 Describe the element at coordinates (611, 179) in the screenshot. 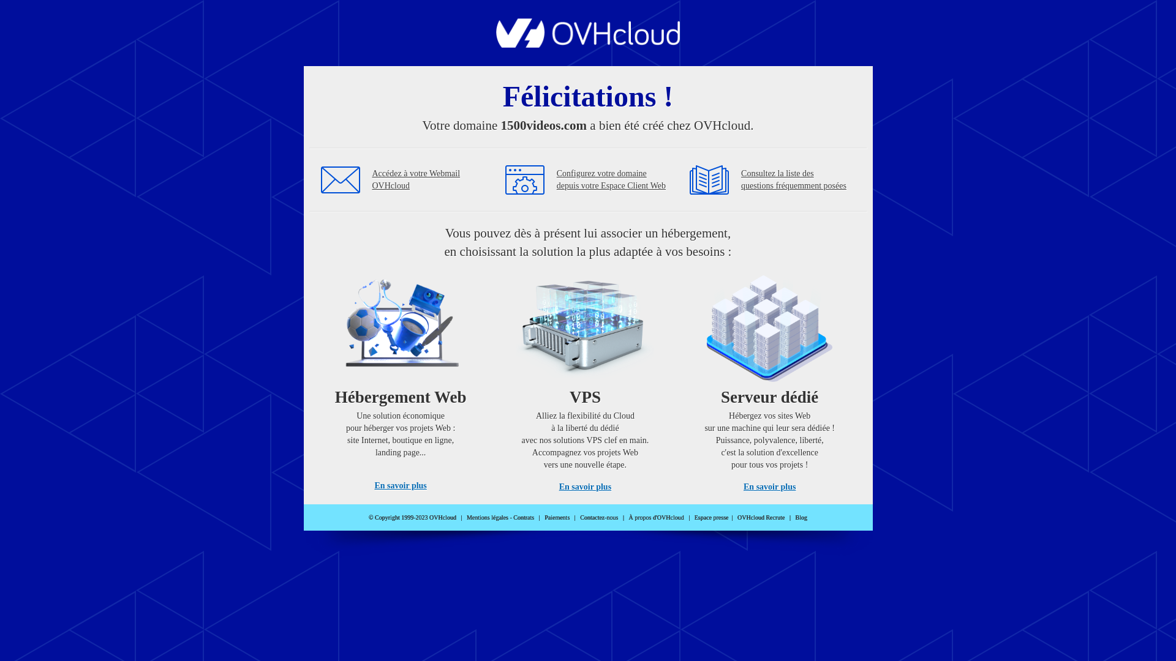

I see `'Configurez votre domaine` at that location.